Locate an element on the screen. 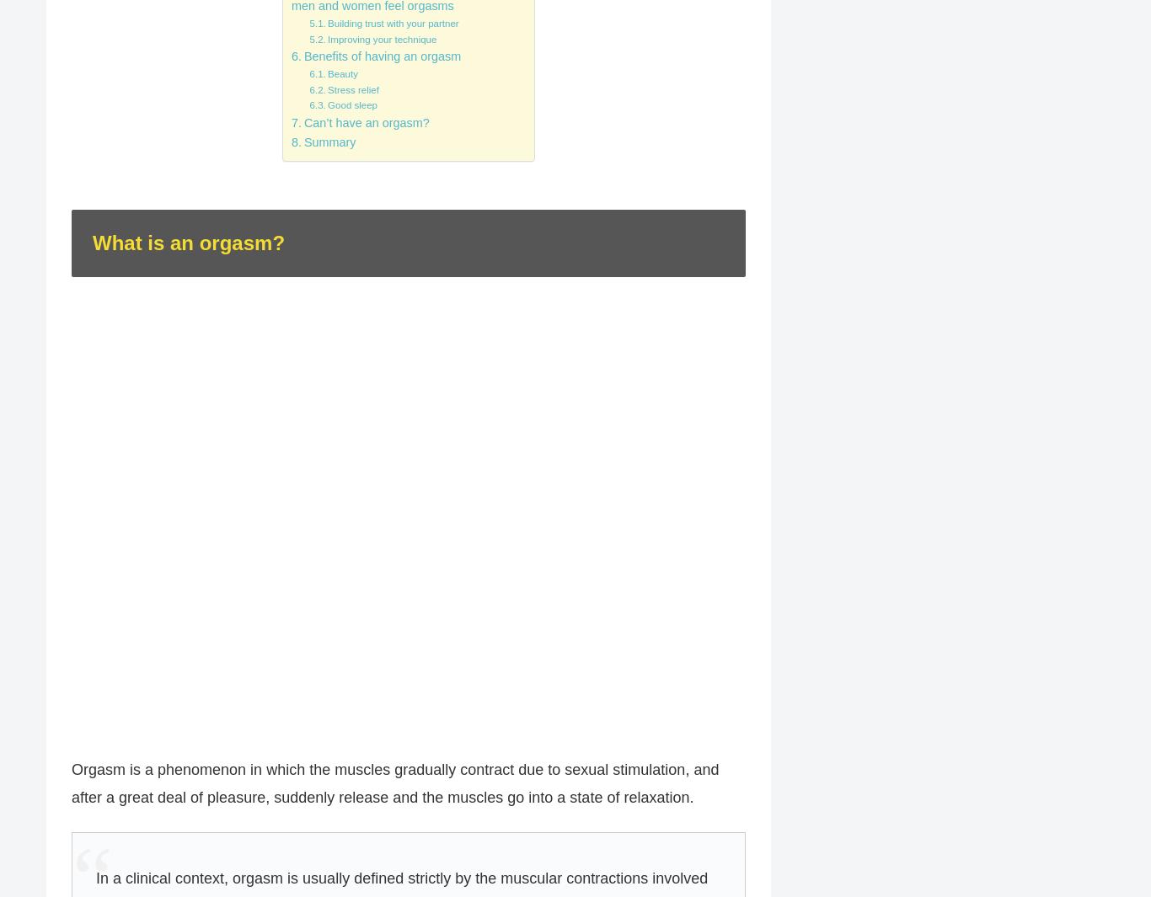 The image size is (1151, 897). 'Building trust with your partner' is located at coordinates (393, 23).